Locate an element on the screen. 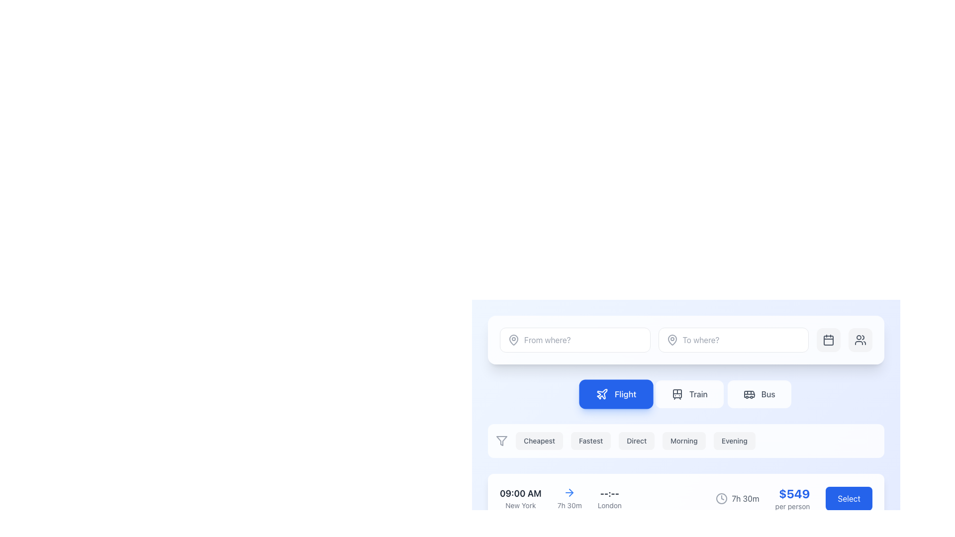 The height and width of the screenshot is (537, 955). the clock icon that is styled in gray and located to the left of the text '7h 30m' in the booking interface is located at coordinates (722, 498).